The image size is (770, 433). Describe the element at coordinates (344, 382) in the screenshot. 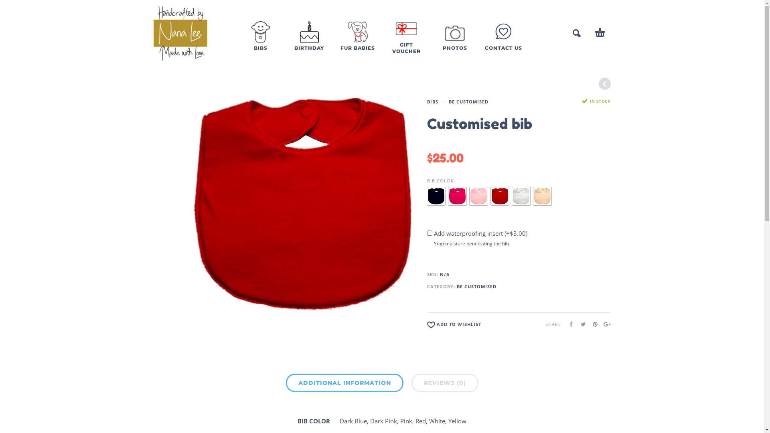

I see `'ADDITIONAL INFORMATION'` at that location.